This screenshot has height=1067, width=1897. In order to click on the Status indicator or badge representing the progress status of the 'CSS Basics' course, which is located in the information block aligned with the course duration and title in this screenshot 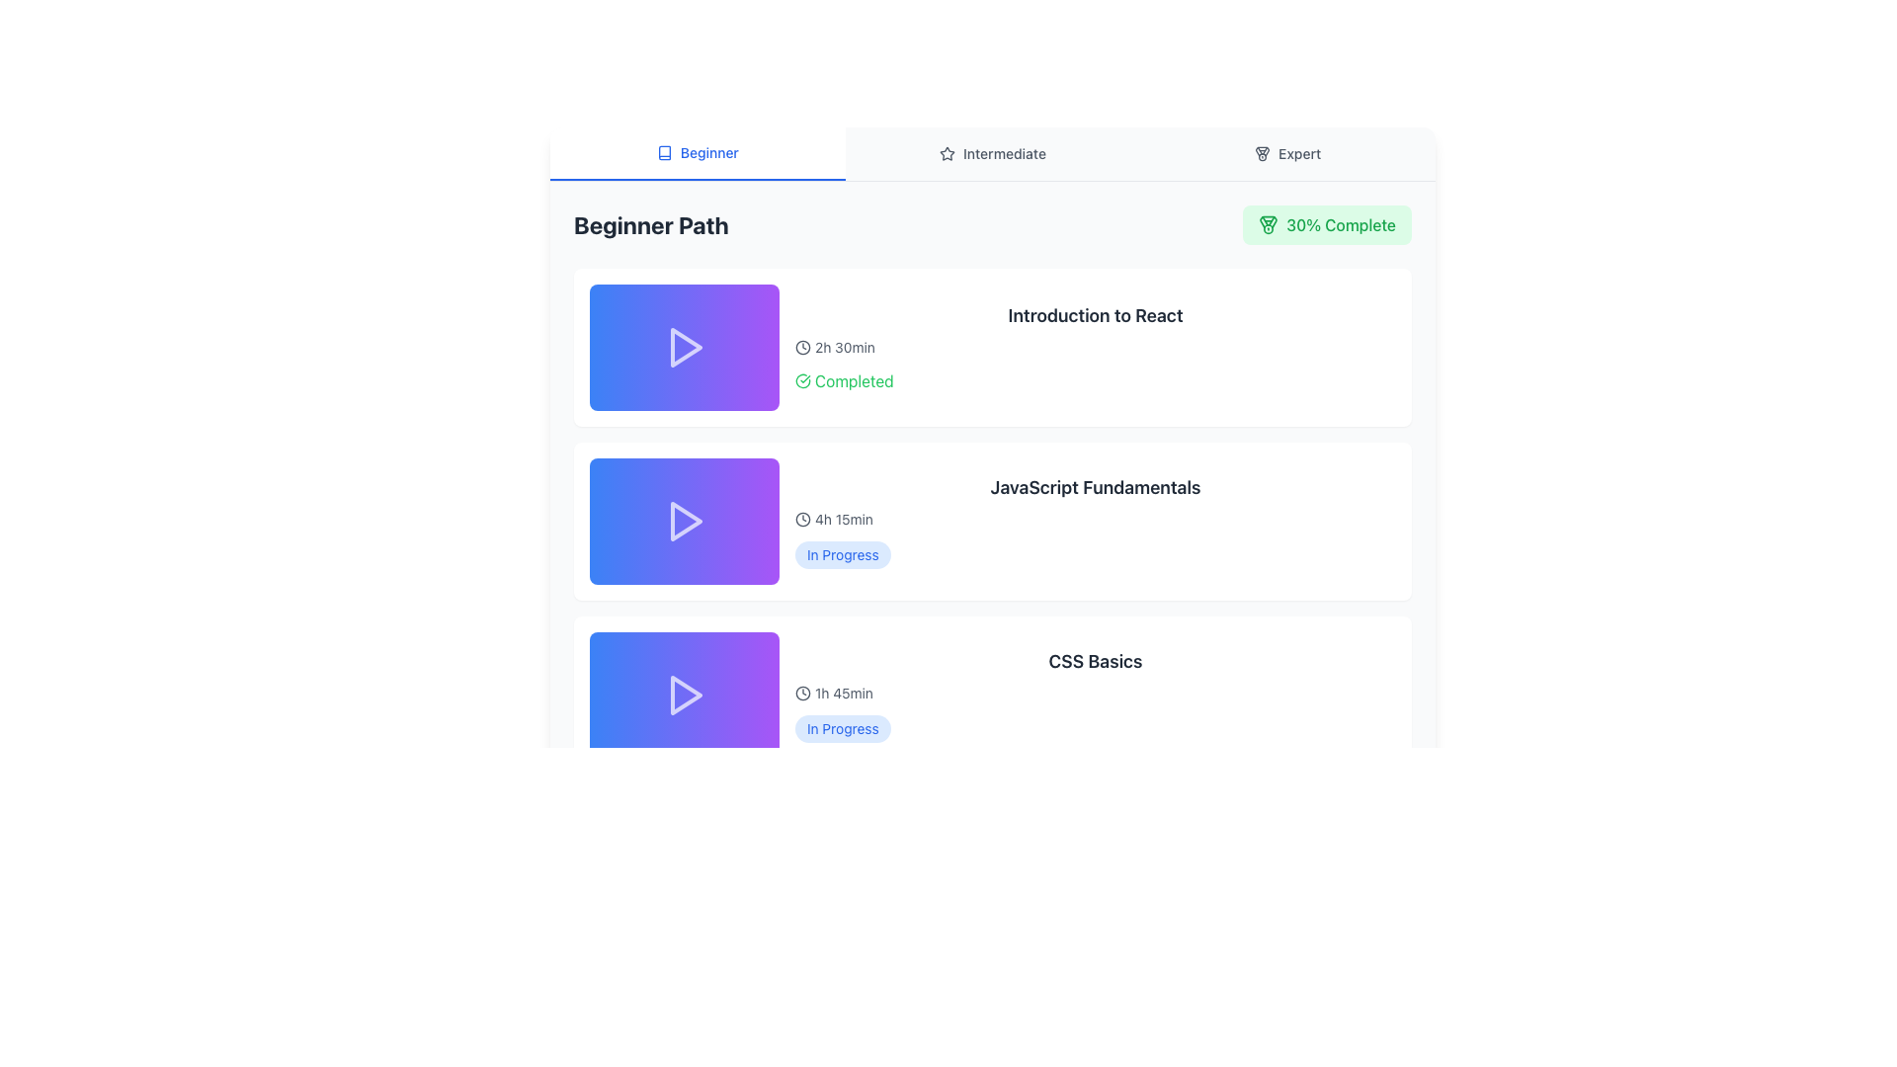, I will do `click(843, 728)`.